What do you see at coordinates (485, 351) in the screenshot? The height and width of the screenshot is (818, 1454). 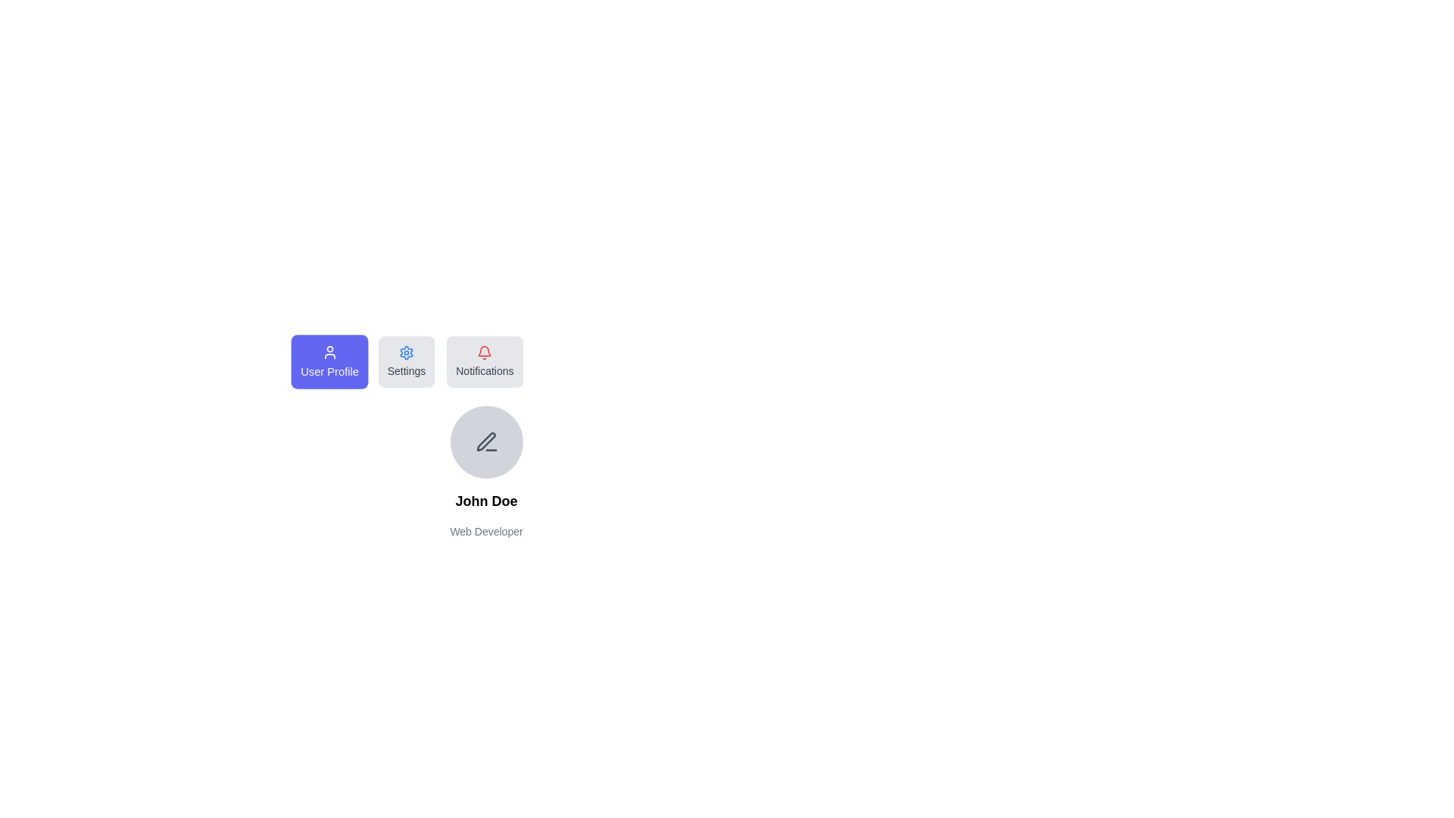 I see `the curved line segment of the bell icon, which is part of the Notifications button located to the right of the Settings icon in the UI` at bounding box center [485, 351].